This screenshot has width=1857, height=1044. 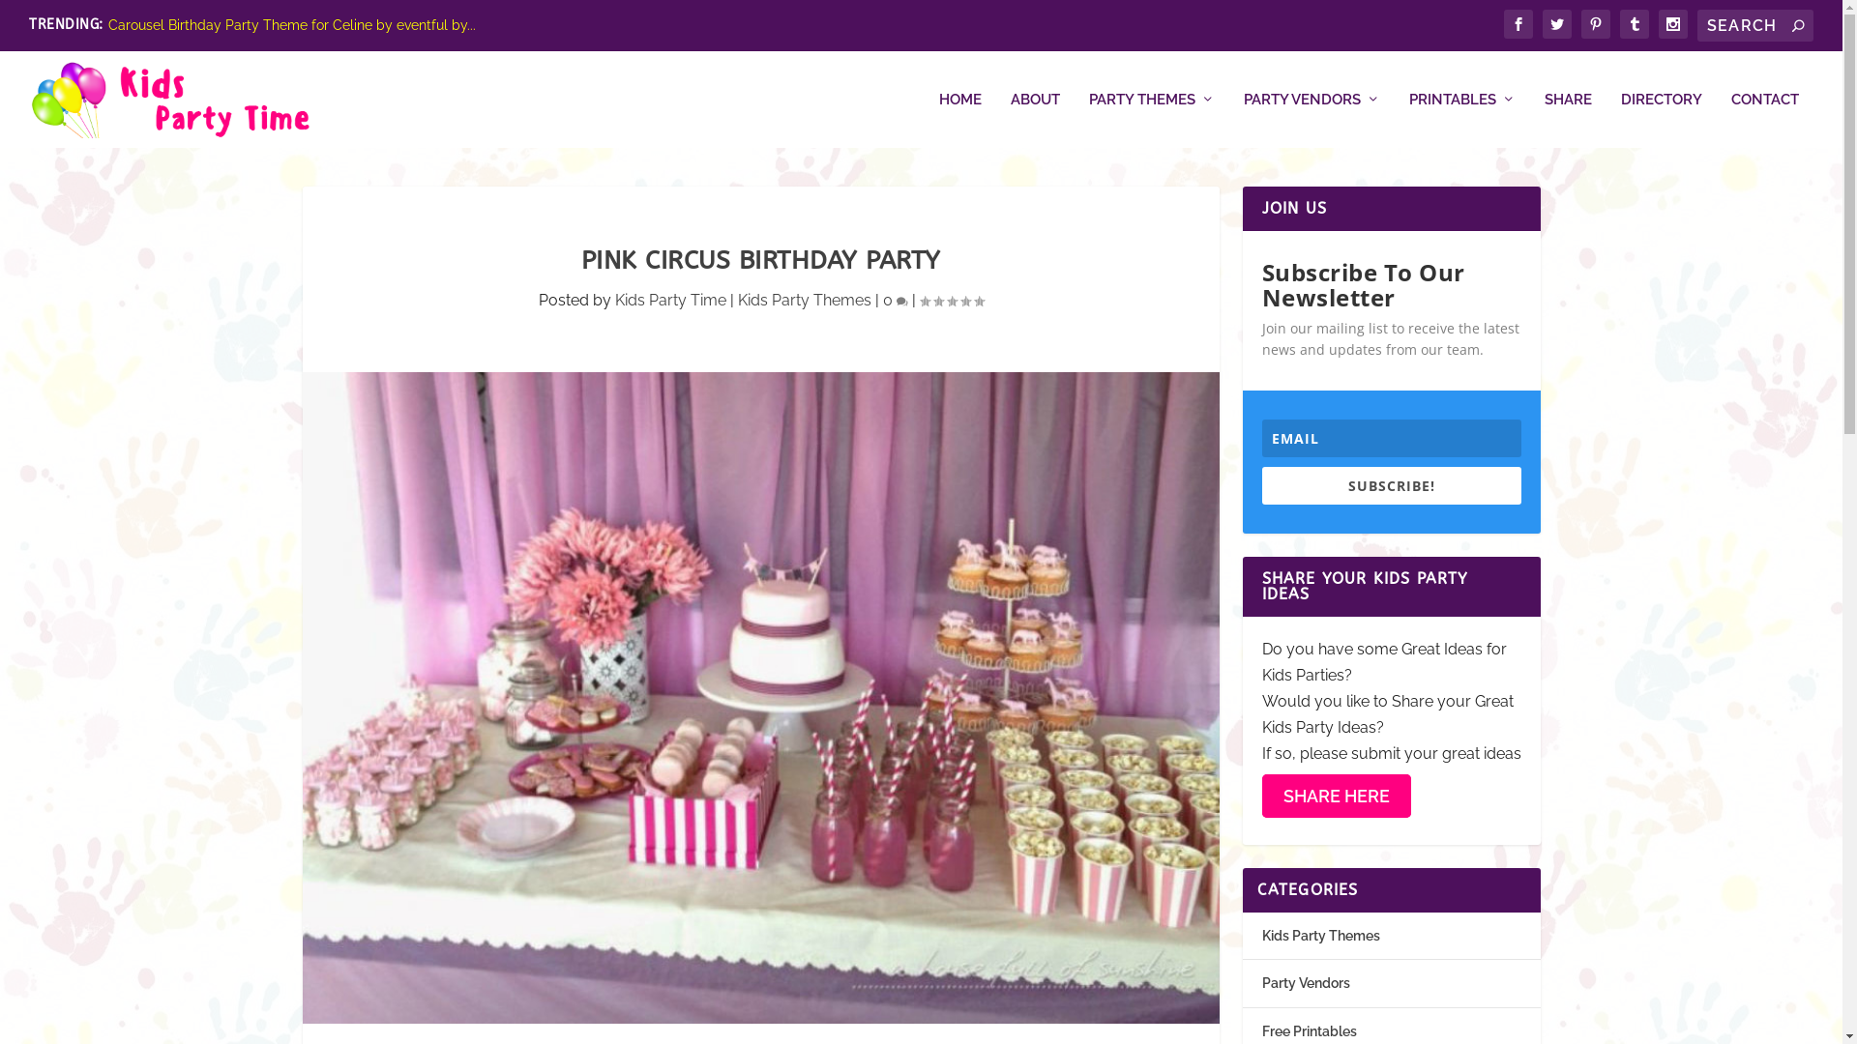 What do you see at coordinates (1620, 119) in the screenshot?
I see `'DIRECTORY'` at bounding box center [1620, 119].